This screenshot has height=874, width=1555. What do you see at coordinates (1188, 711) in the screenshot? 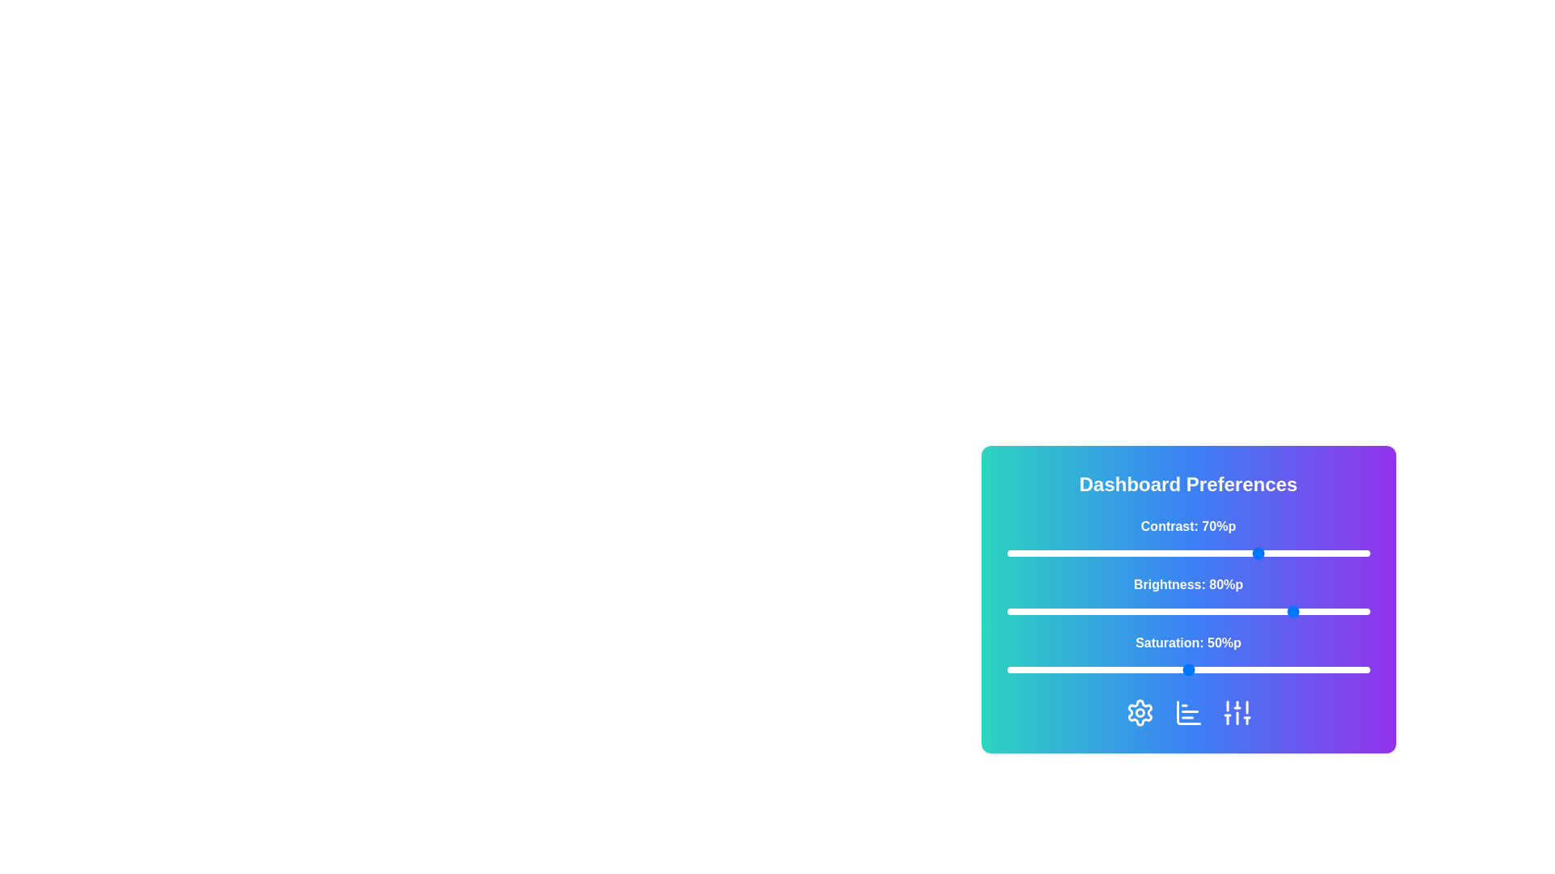
I see `the 'ChartBar' icon` at bounding box center [1188, 711].